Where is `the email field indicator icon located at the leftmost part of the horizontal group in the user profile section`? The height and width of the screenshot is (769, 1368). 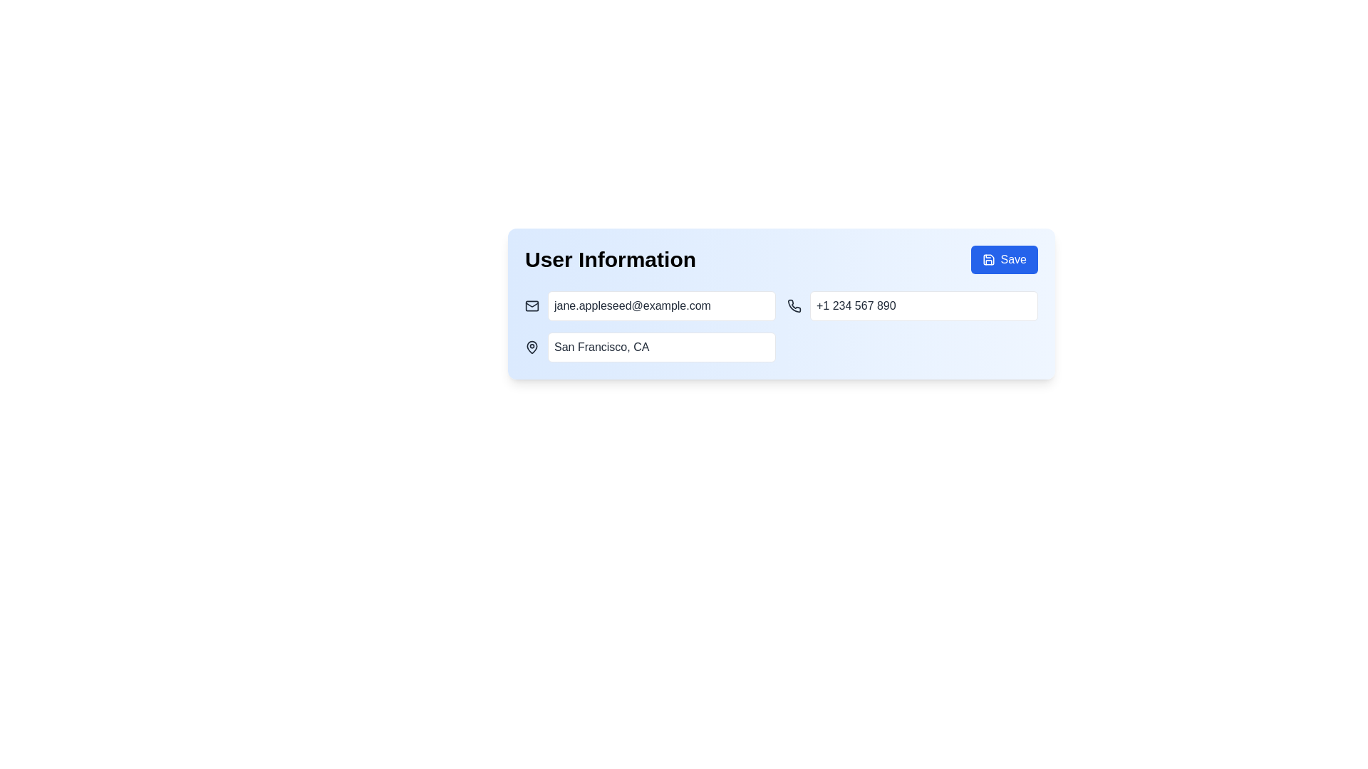 the email field indicator icon located at the leftmost part of the horizontal group in the user profile section is located at coordinates (532, 305).